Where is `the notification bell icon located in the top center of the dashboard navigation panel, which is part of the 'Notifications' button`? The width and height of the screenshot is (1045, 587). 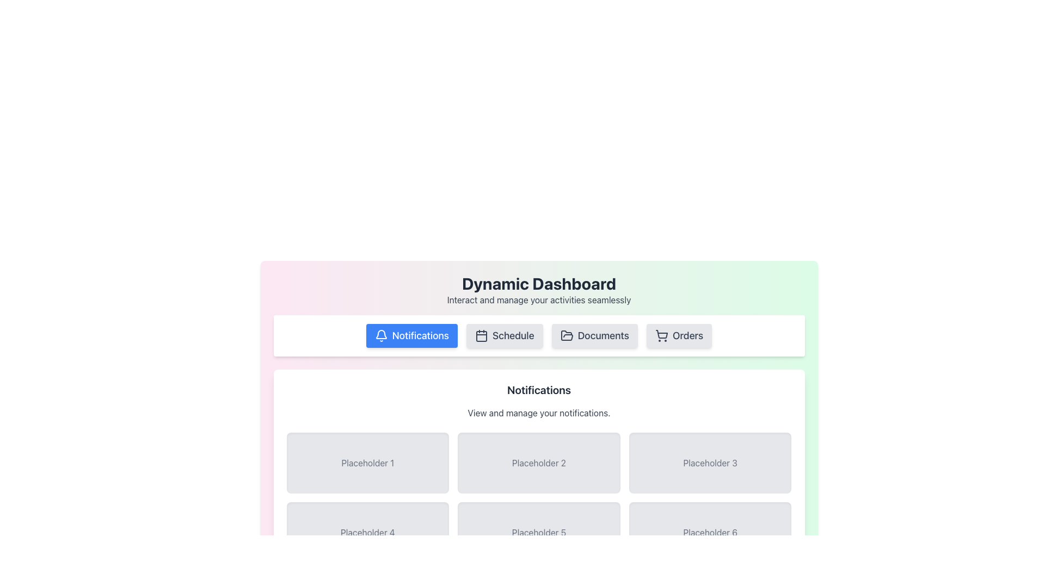
the notification bell icon located in the top center of the dashboard navigation panel, which is part of the 'Notifications' button is located at coordinates (381, 334).